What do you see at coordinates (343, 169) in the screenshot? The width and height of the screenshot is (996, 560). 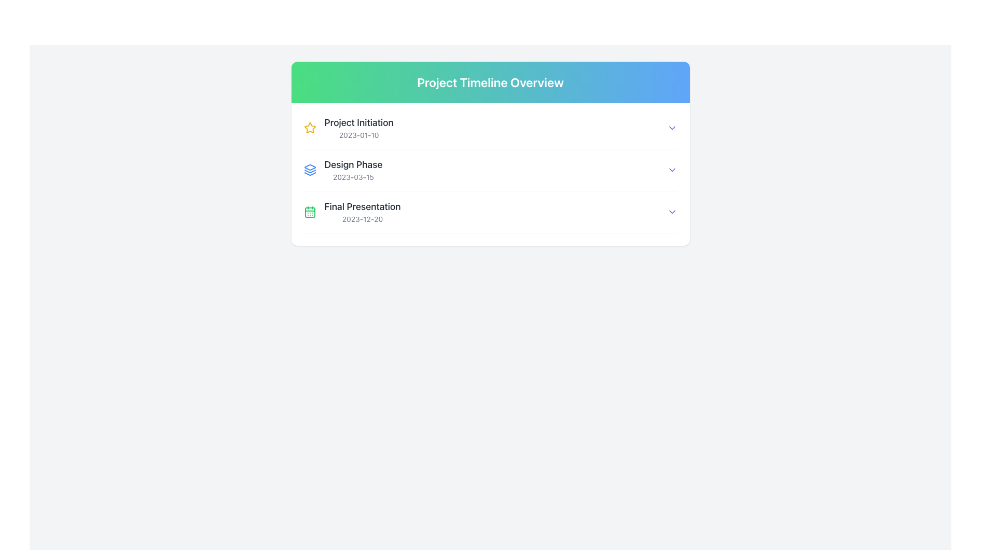 I see `the List item labeled 'Design Phase' with the date '2023-03-15'` at bounding box center [343, 169].